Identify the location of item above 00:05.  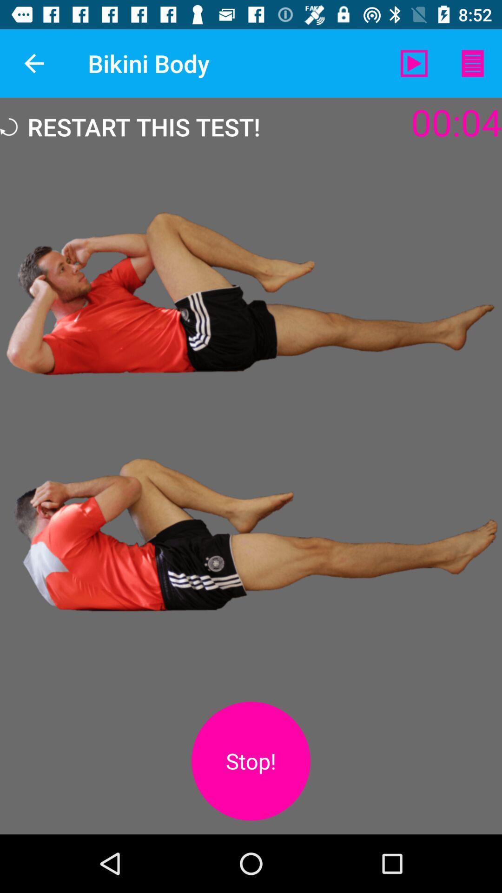
(473, 63).